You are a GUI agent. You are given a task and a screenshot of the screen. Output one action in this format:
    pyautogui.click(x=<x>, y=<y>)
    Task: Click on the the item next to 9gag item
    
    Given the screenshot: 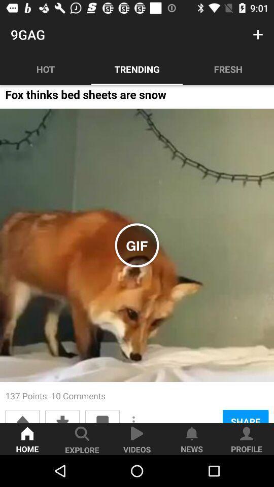 What is the action you would take?
    pyautogui.click(x=258, y=34)
    